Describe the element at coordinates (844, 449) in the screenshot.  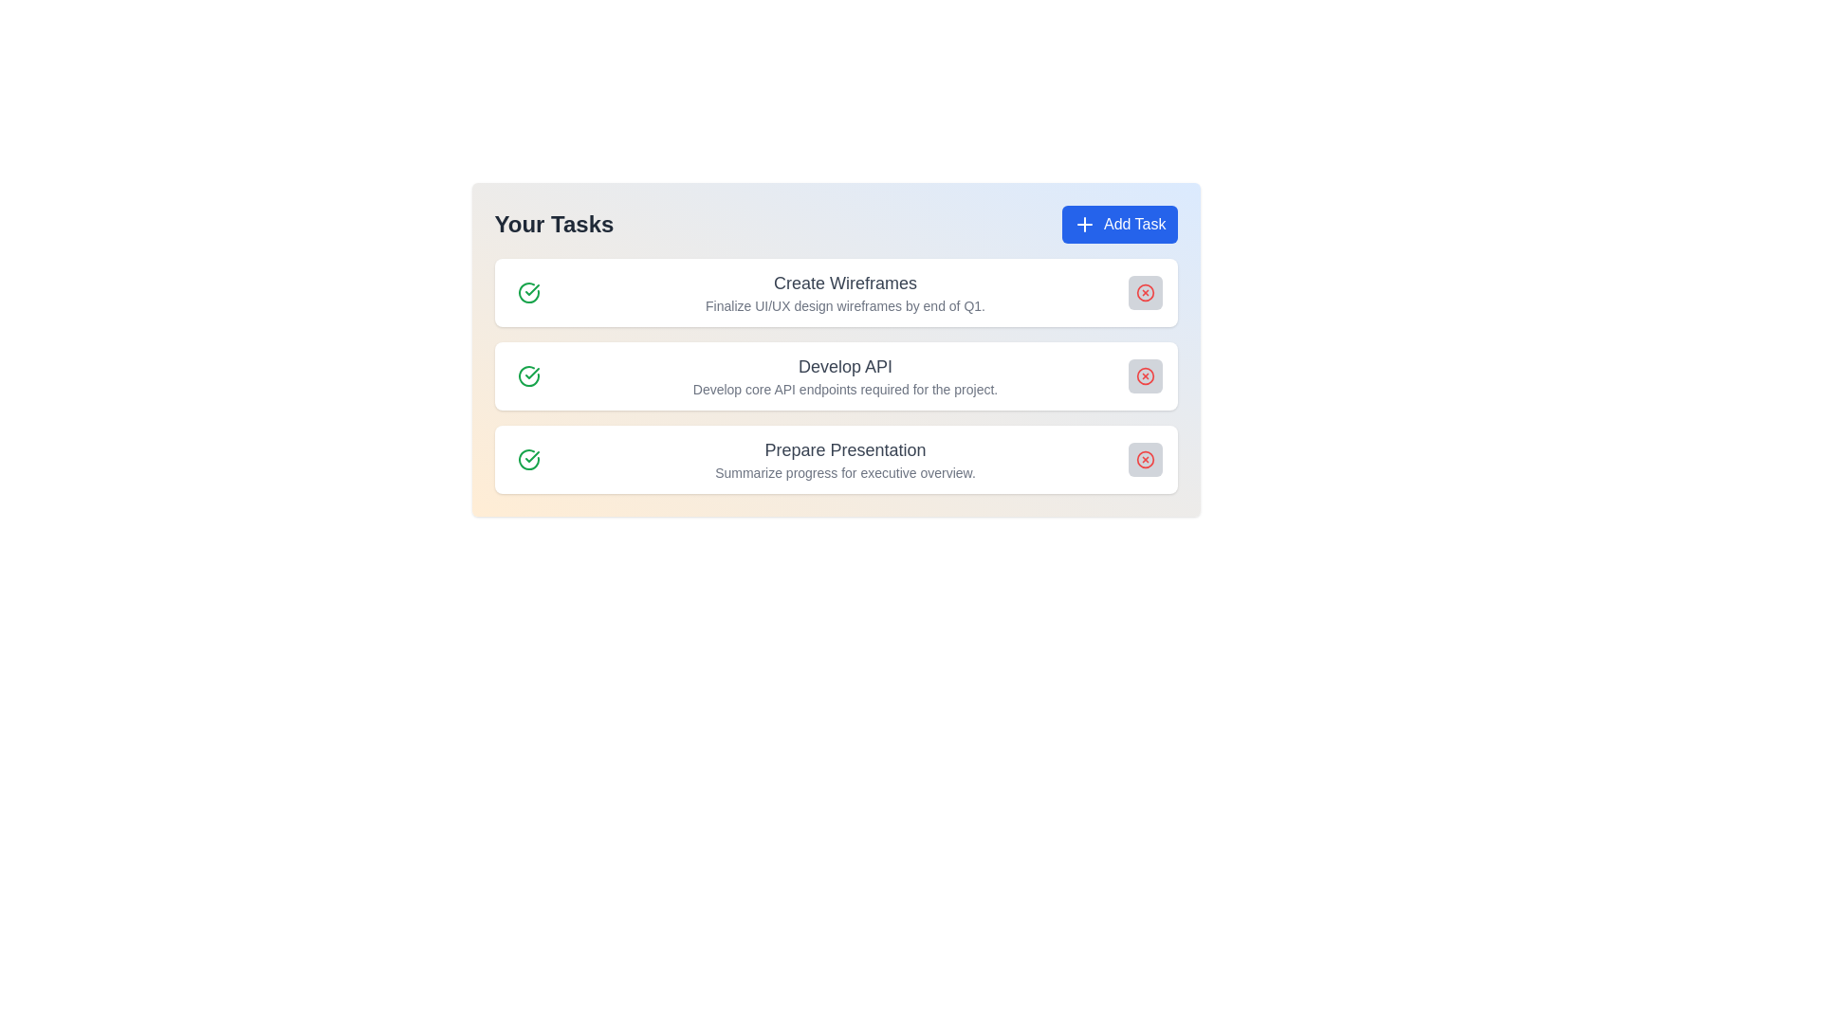
I see `the static text label displaying 'Prepare Presentation', which is in a medium-sized, gray-colored, bold font, located in the lower task entry of the task list` at that location.